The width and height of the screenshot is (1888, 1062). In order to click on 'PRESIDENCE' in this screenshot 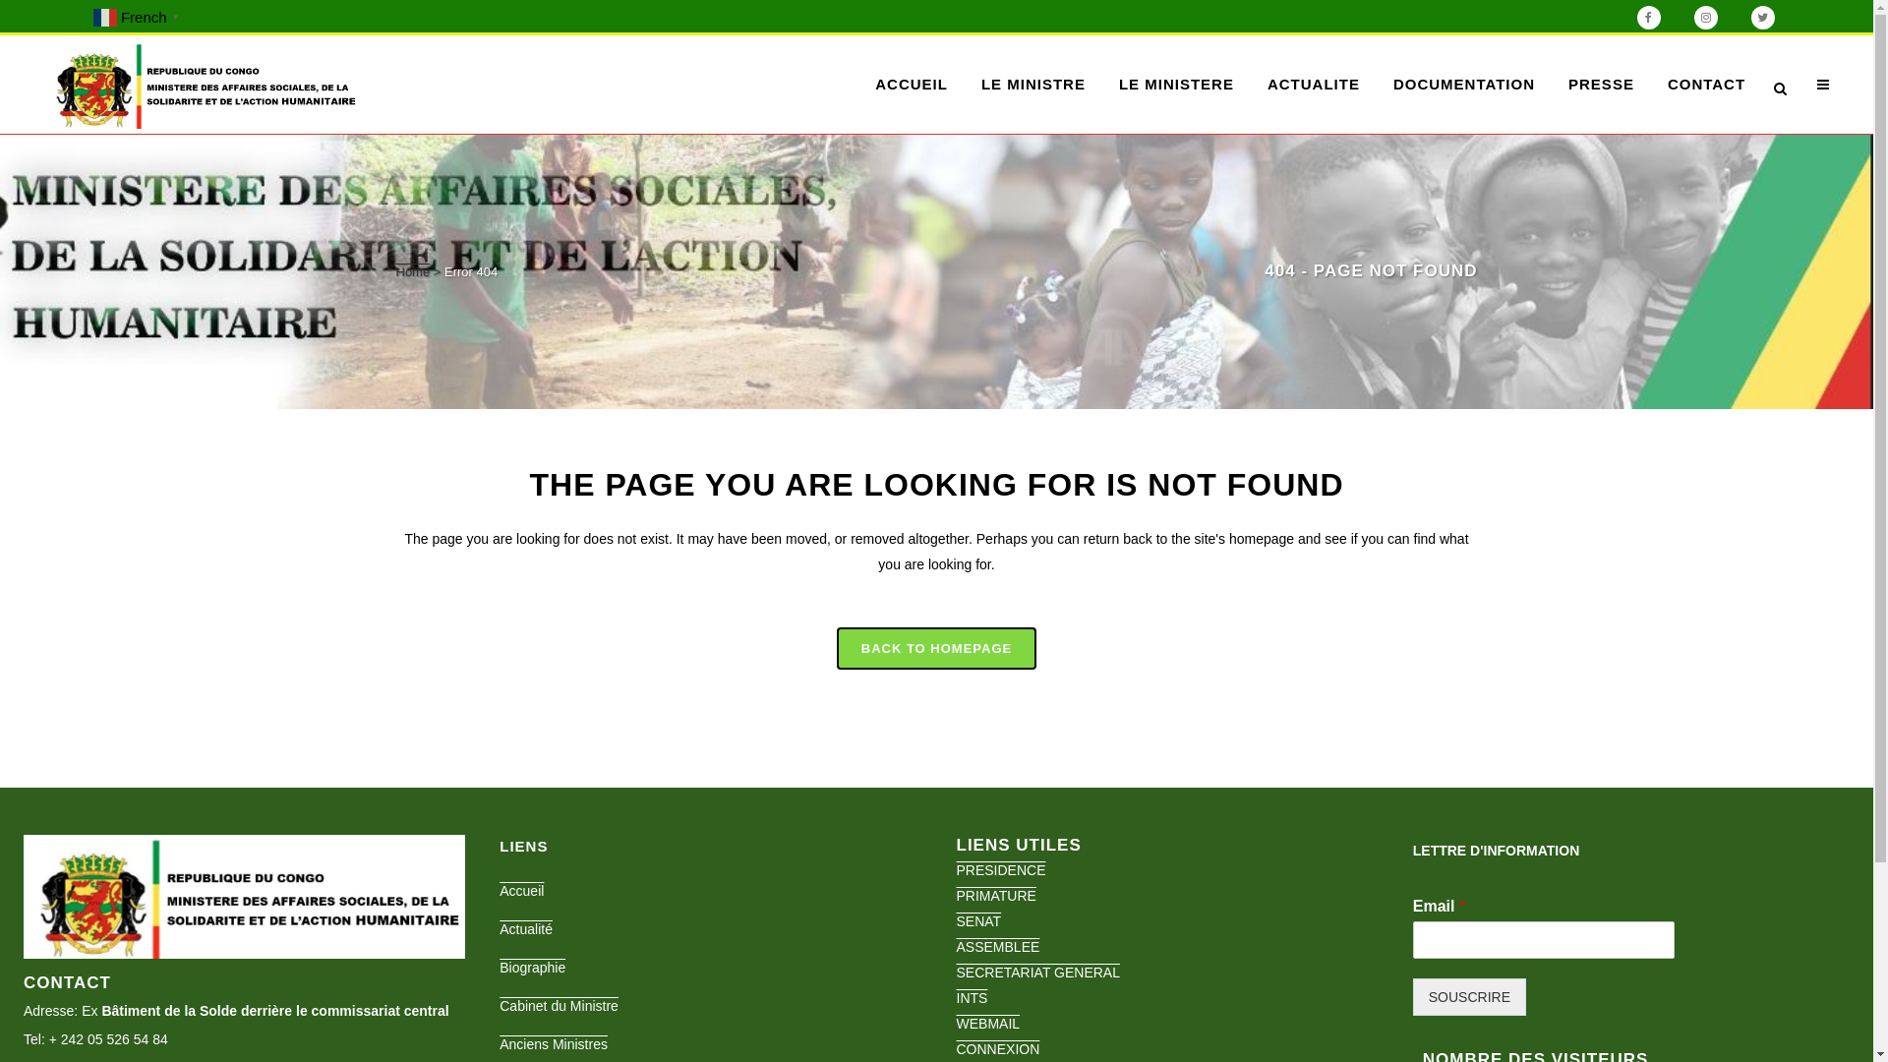, I will do `click(955, 868)`.